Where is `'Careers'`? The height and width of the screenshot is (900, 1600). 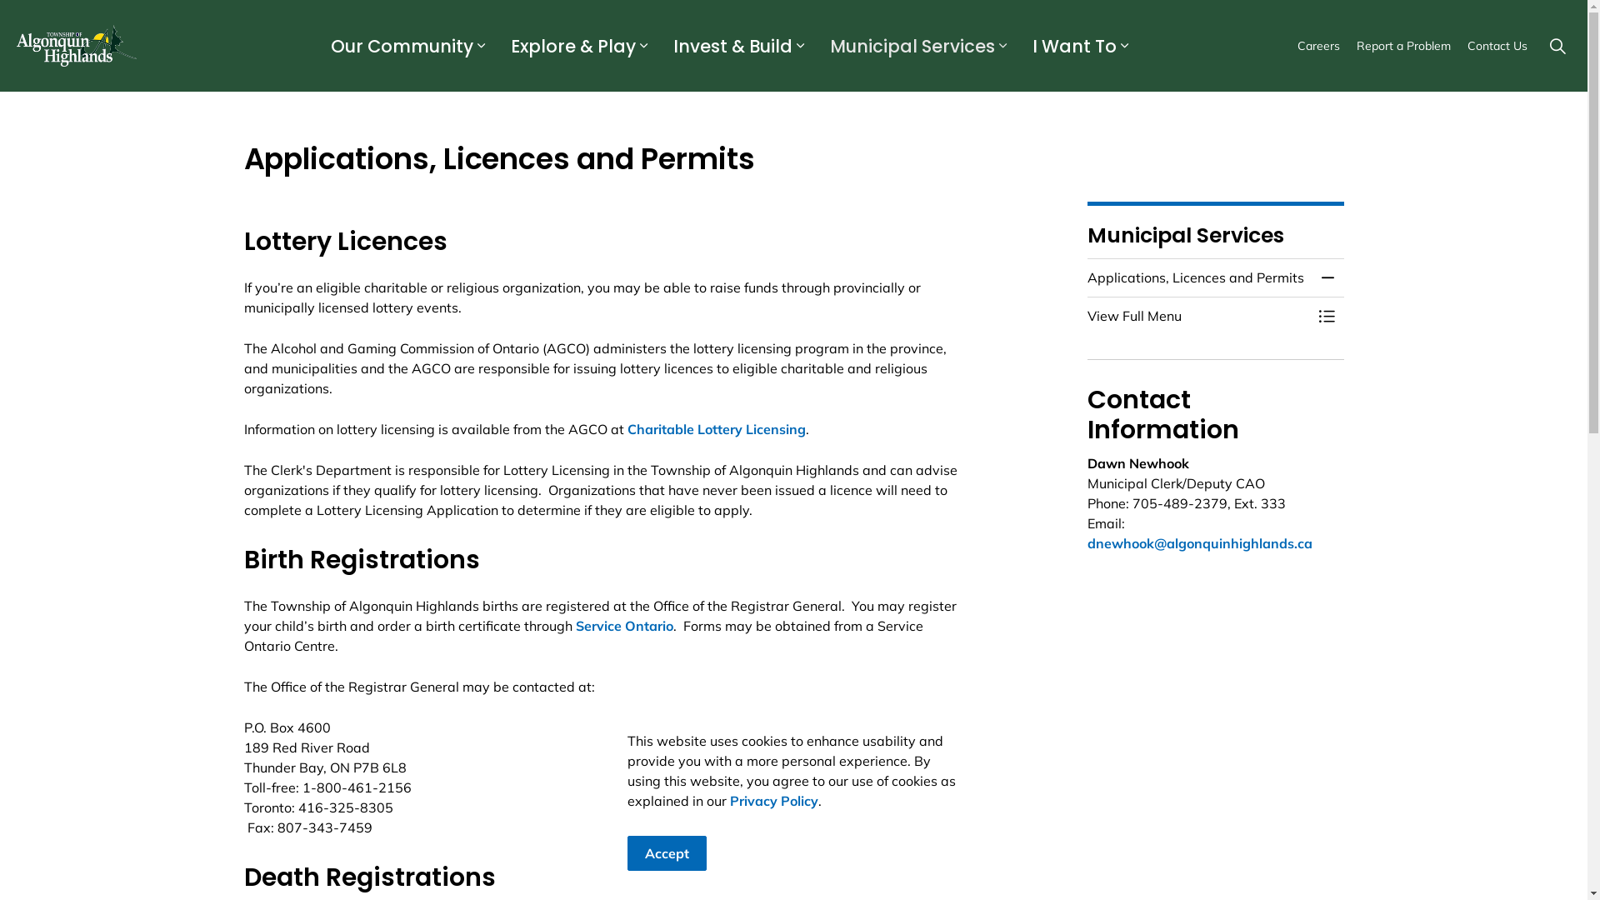 'Careers' is located at coordinates (1317, 44).